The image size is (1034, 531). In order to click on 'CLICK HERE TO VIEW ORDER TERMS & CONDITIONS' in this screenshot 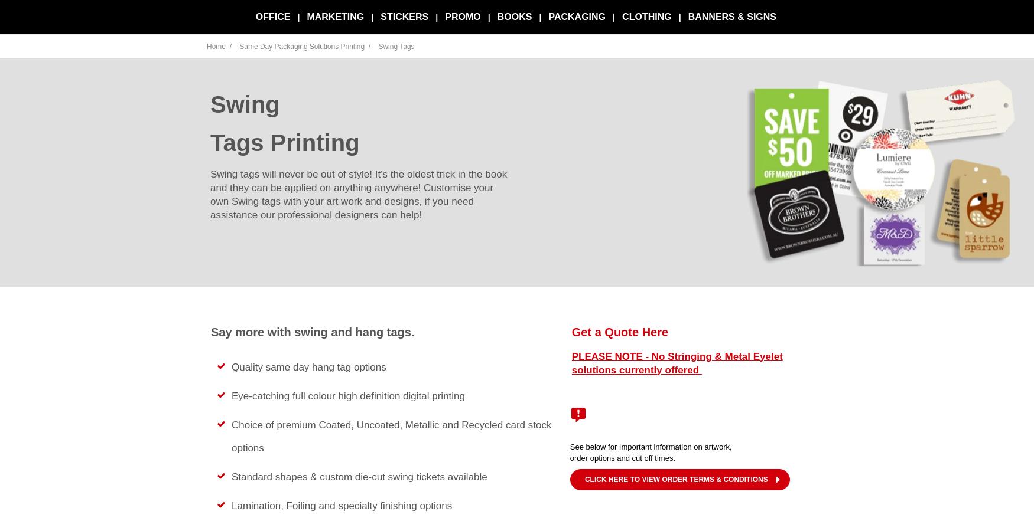, I will do `click(675, 478)`.